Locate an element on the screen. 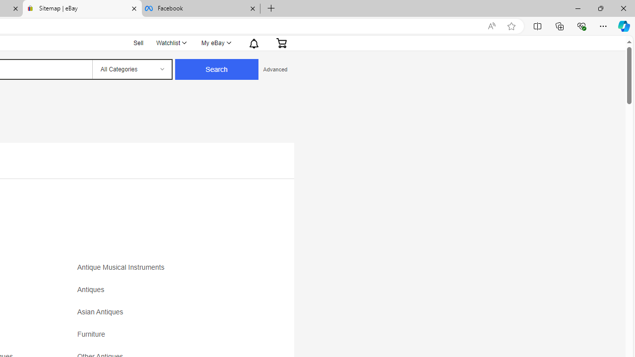 The height and width of the screenshot is (357, 635). 'Settings and more (Alt+F)' is located at coordinates (603, 25).